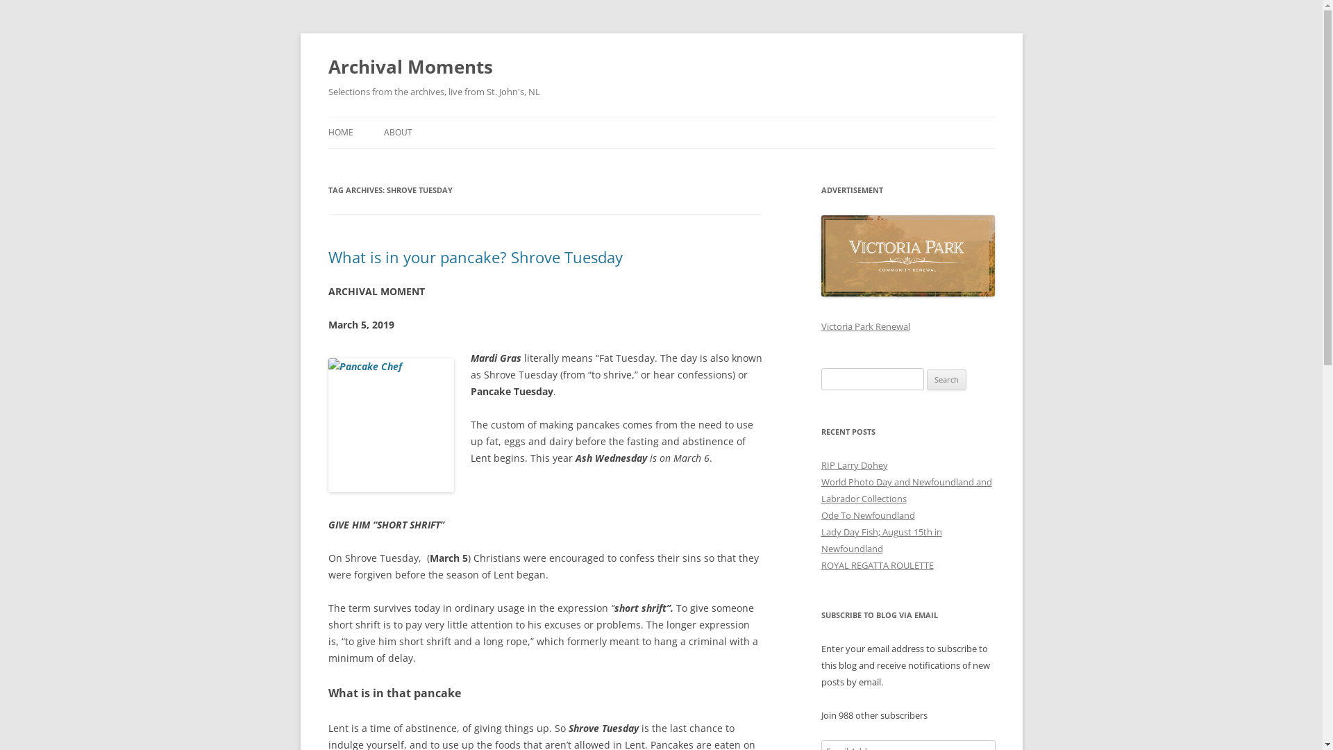  I want to click on 'Skip to content', so click(660, 116).